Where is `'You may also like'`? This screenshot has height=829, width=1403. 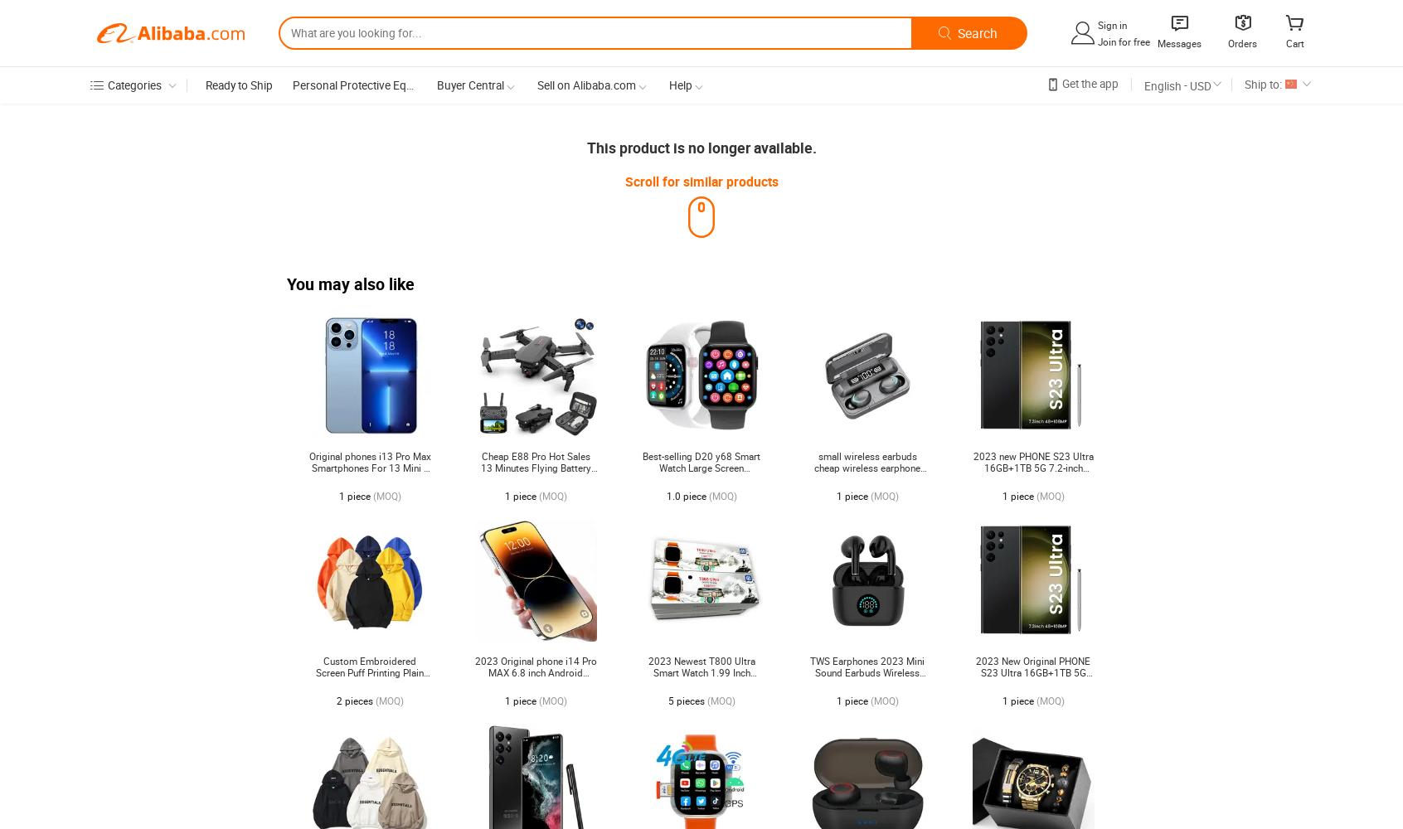
'You may also like' is located at coordinates (351, 284).